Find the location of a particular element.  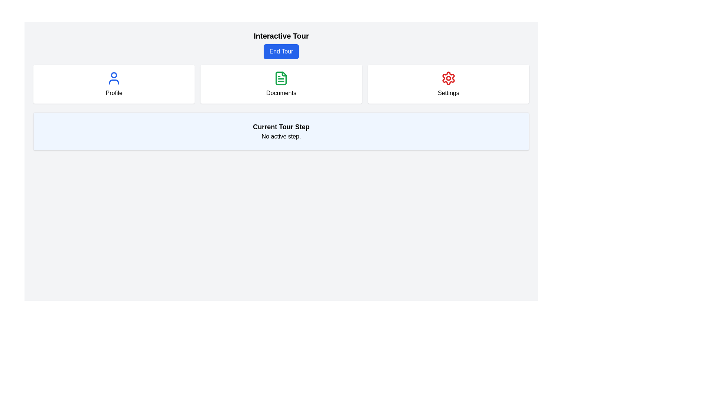

the user profile icon located in the top-left section of the grid layout, which is centered within the 'Profile' card is located at coordinates (114, 78).